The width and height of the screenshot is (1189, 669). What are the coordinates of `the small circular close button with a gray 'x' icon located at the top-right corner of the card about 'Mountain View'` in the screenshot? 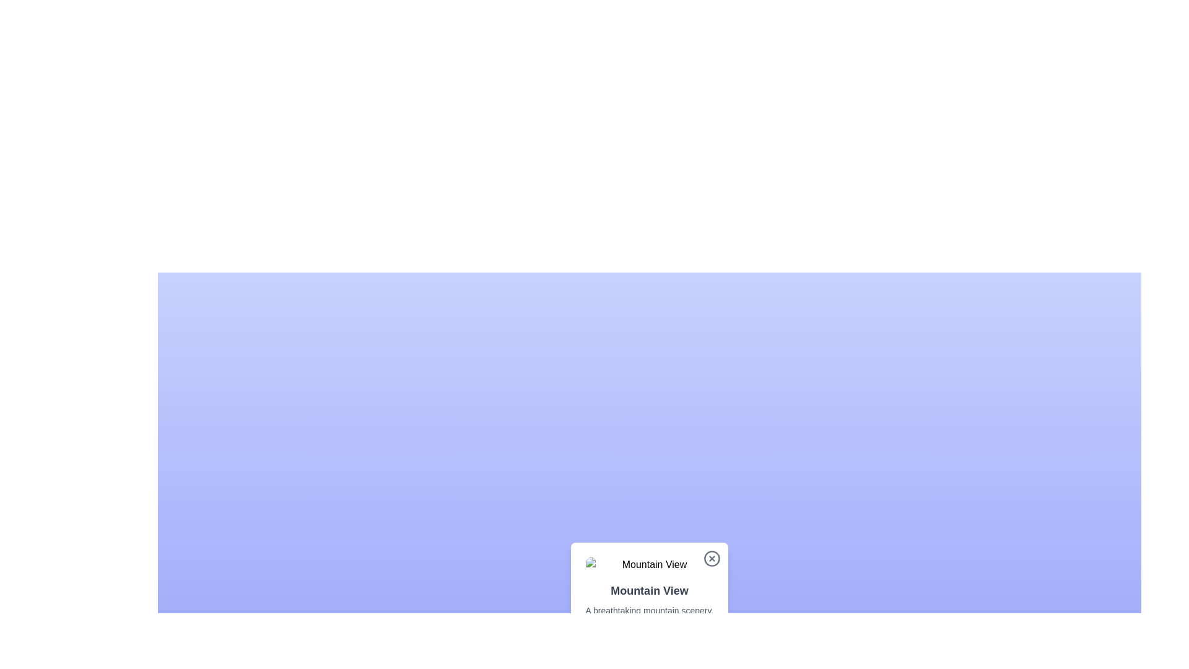 It's located at (712, 559).